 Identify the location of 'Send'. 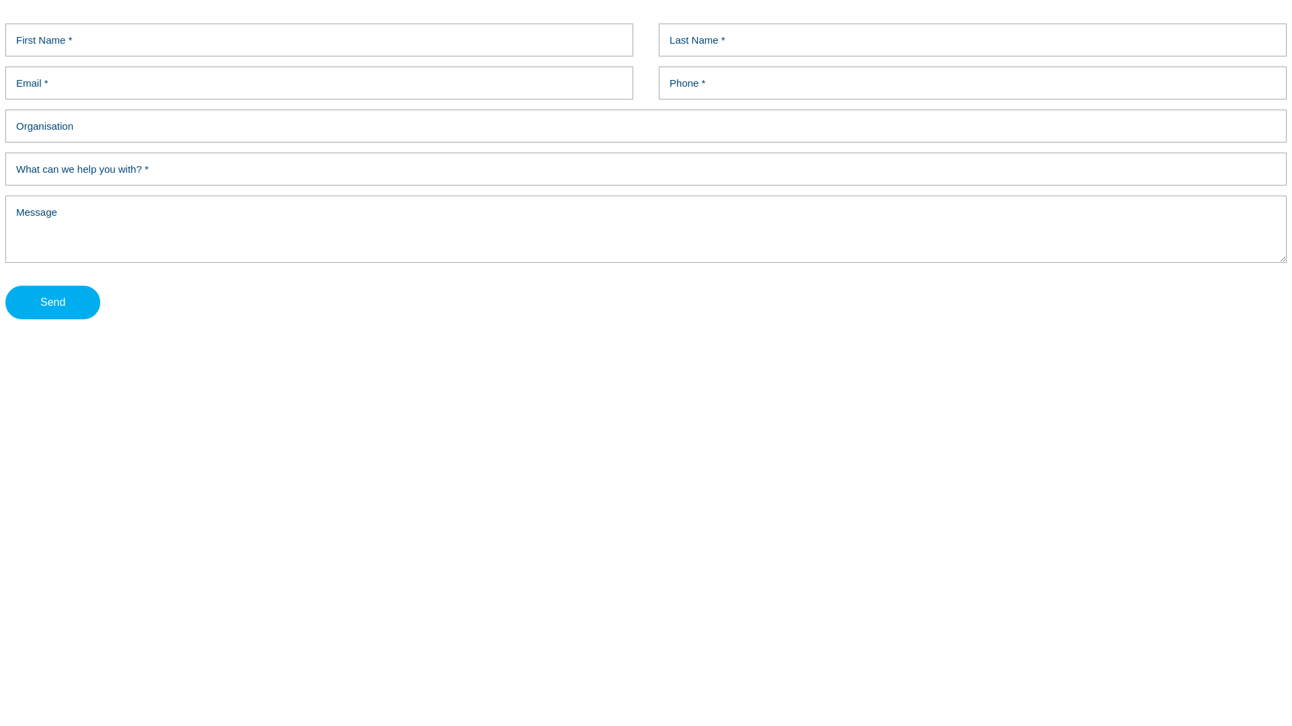
(5, 302).